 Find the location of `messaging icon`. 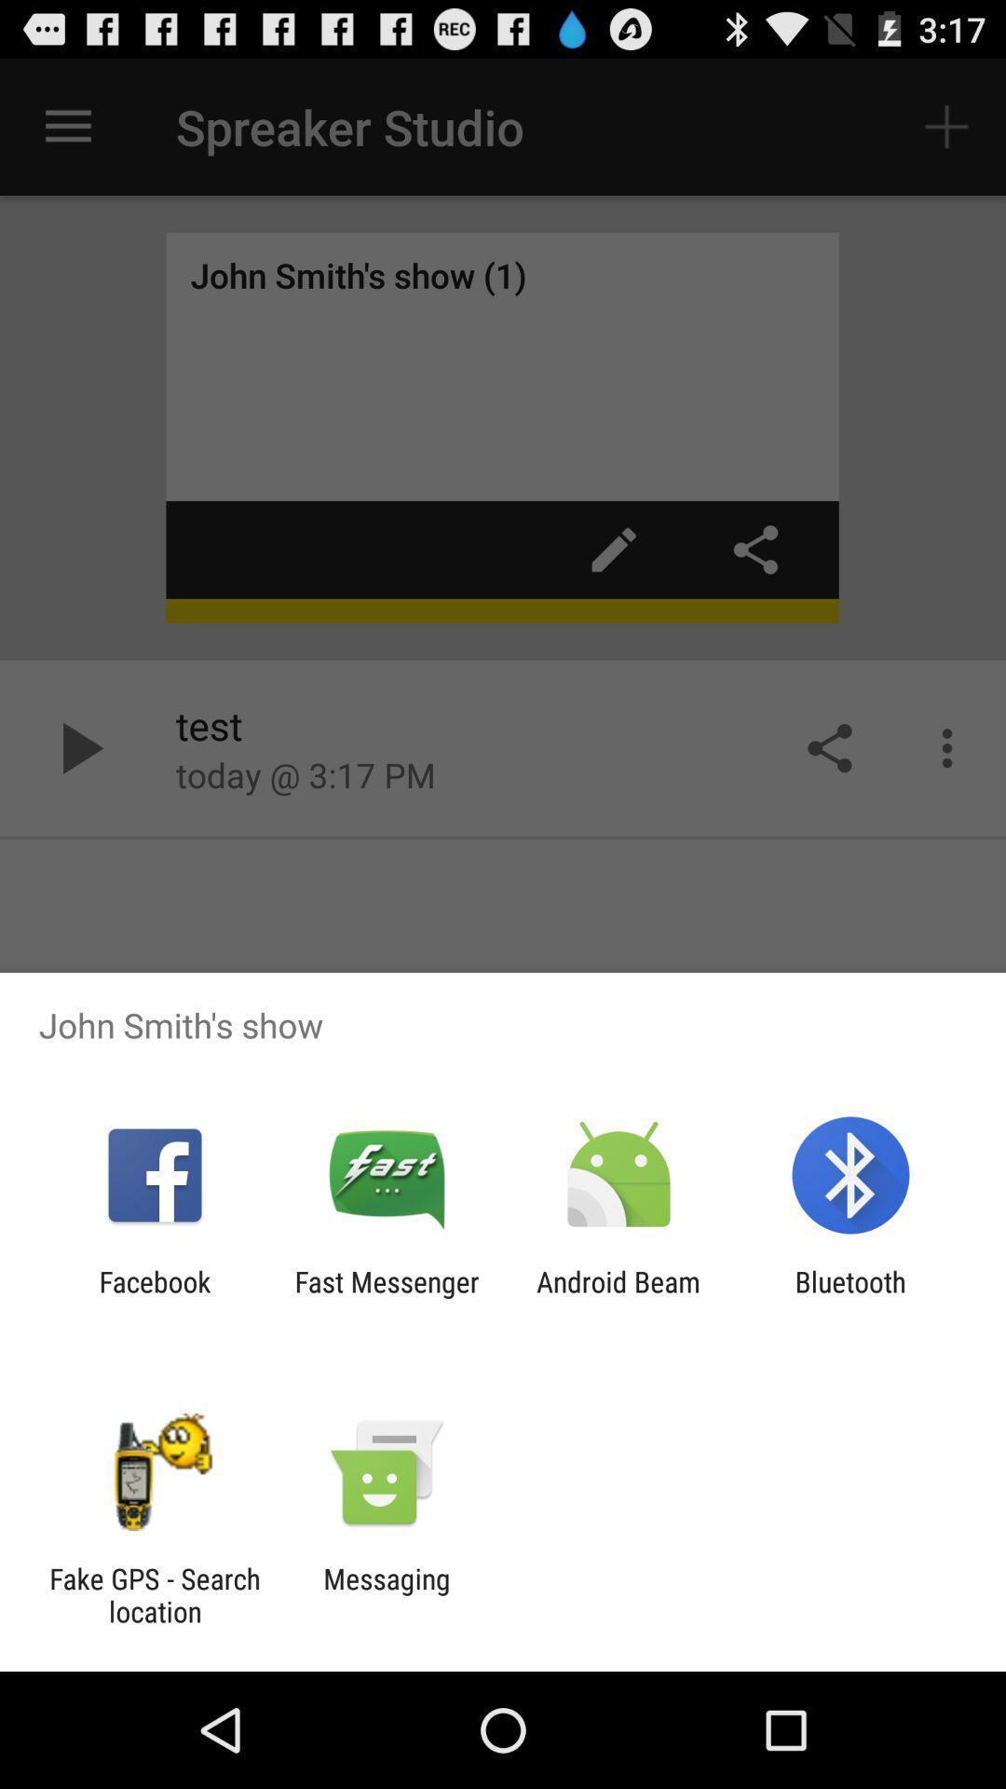

messaging icon is located at coordinates (386, 1594).